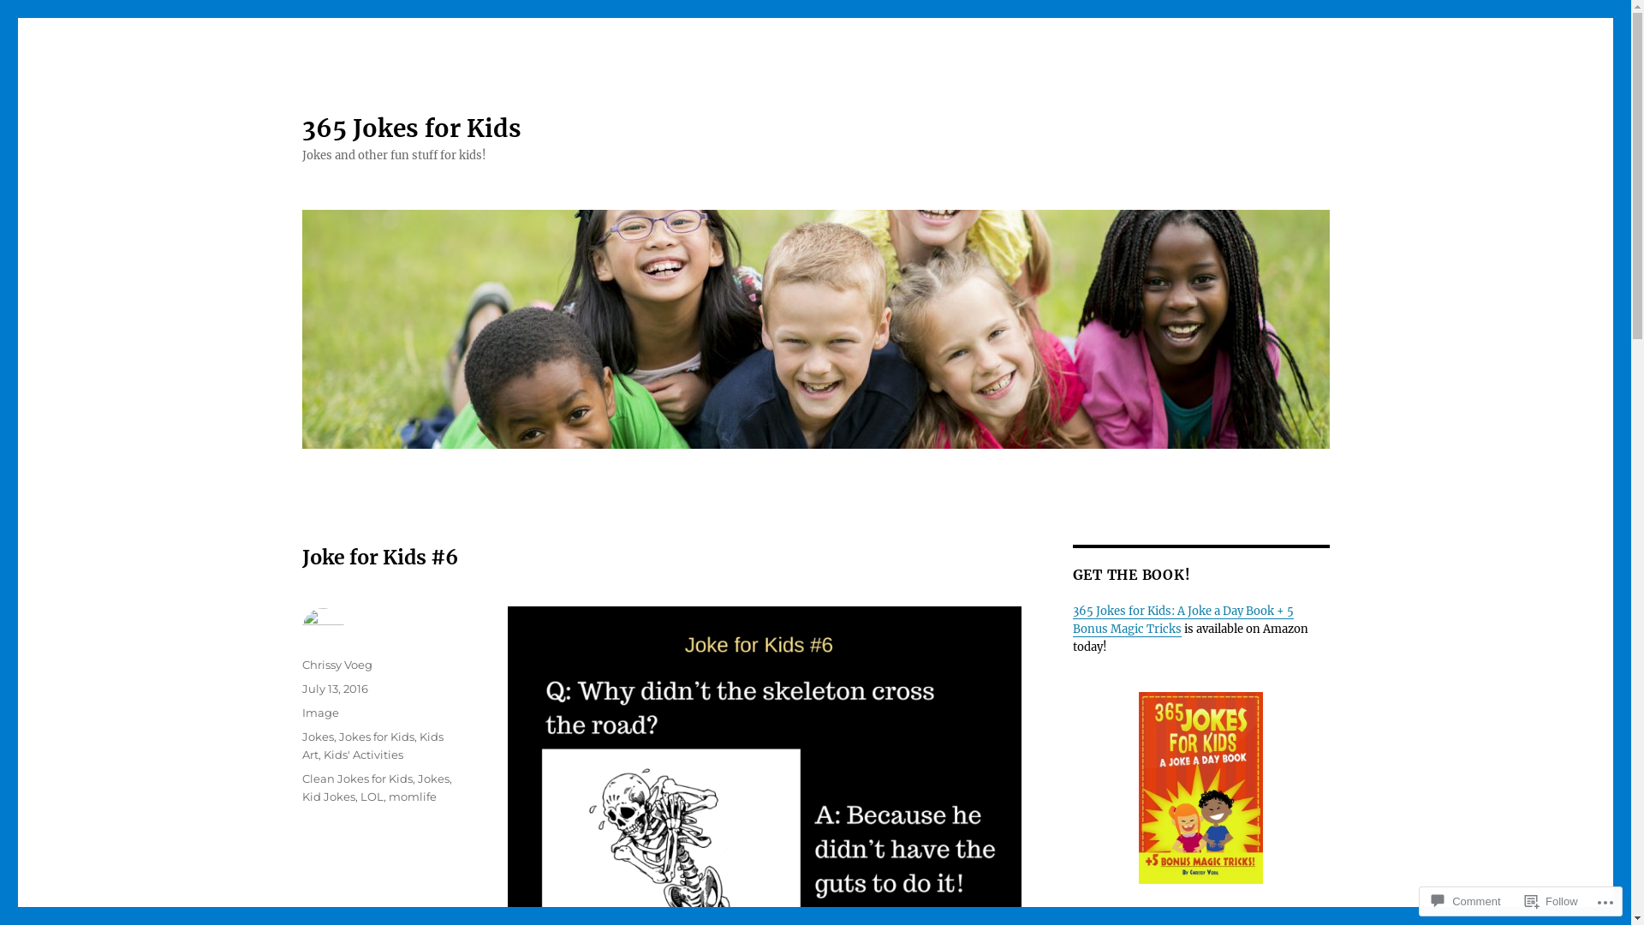  What do you see at coordinates (411, 128) in the screenshot?
I see `'365 Jokes for Kids'` at bounding box center [411, 128].